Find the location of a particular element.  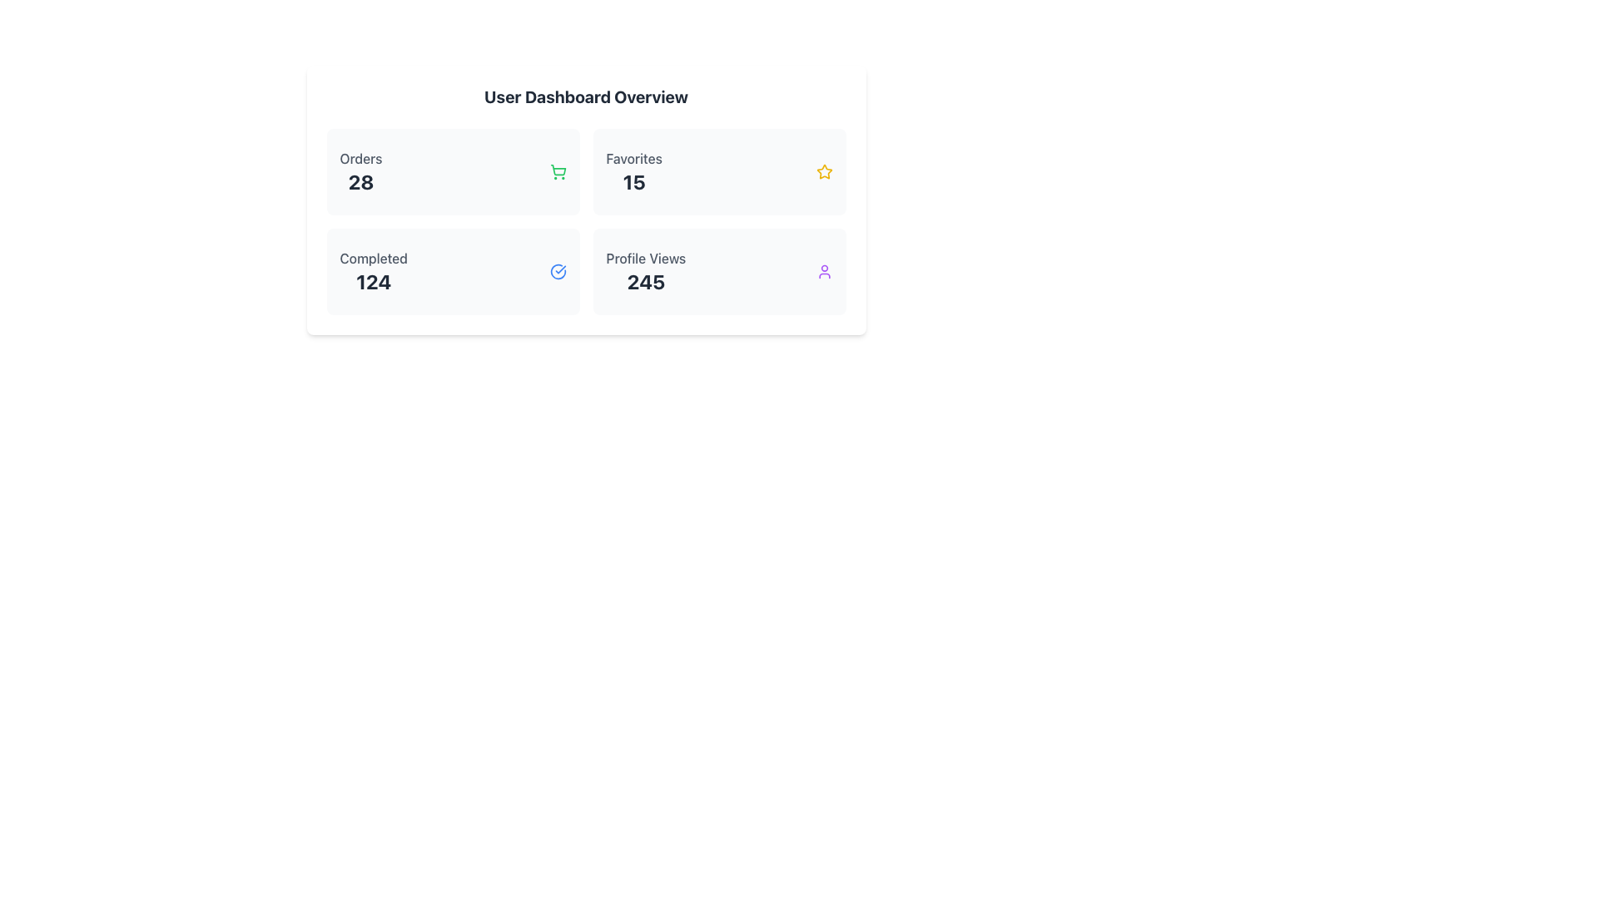

the Text Label displaying the number '28' within the 'Orders' card in the top-left quadrant of the dashboard is located at coordinates (360, 182).